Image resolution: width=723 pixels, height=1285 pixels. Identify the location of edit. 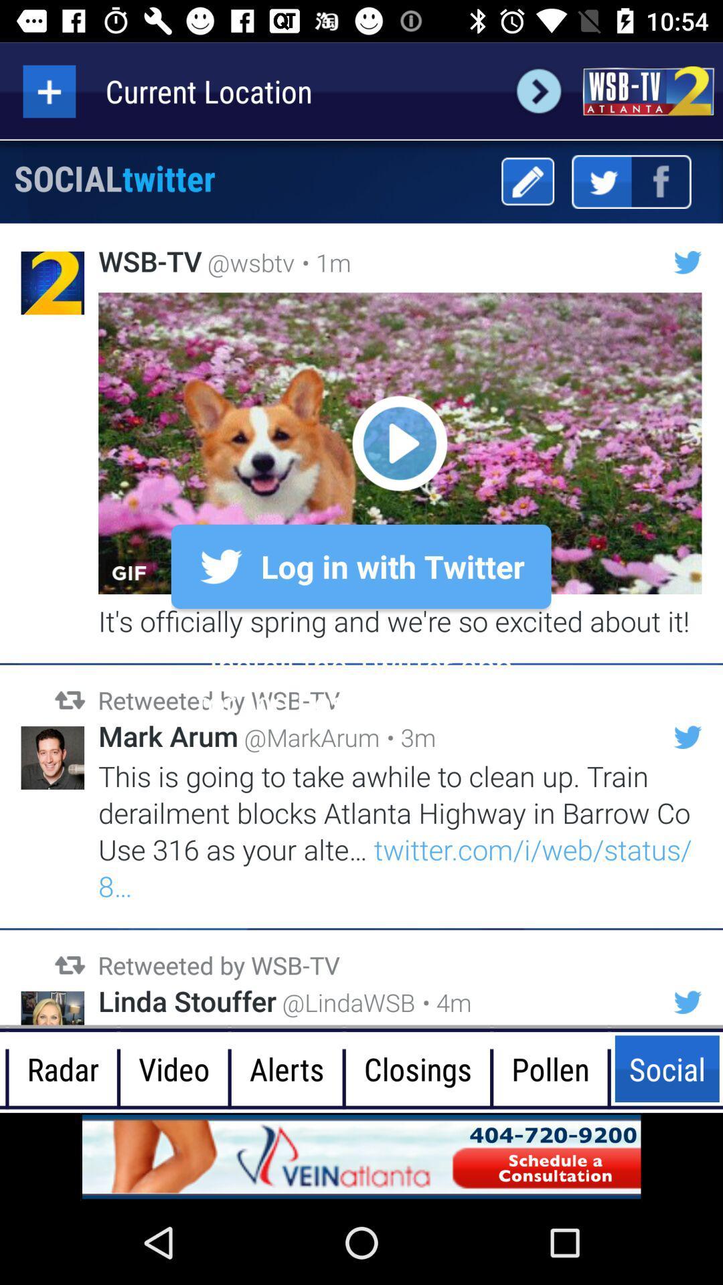
(527, 181).